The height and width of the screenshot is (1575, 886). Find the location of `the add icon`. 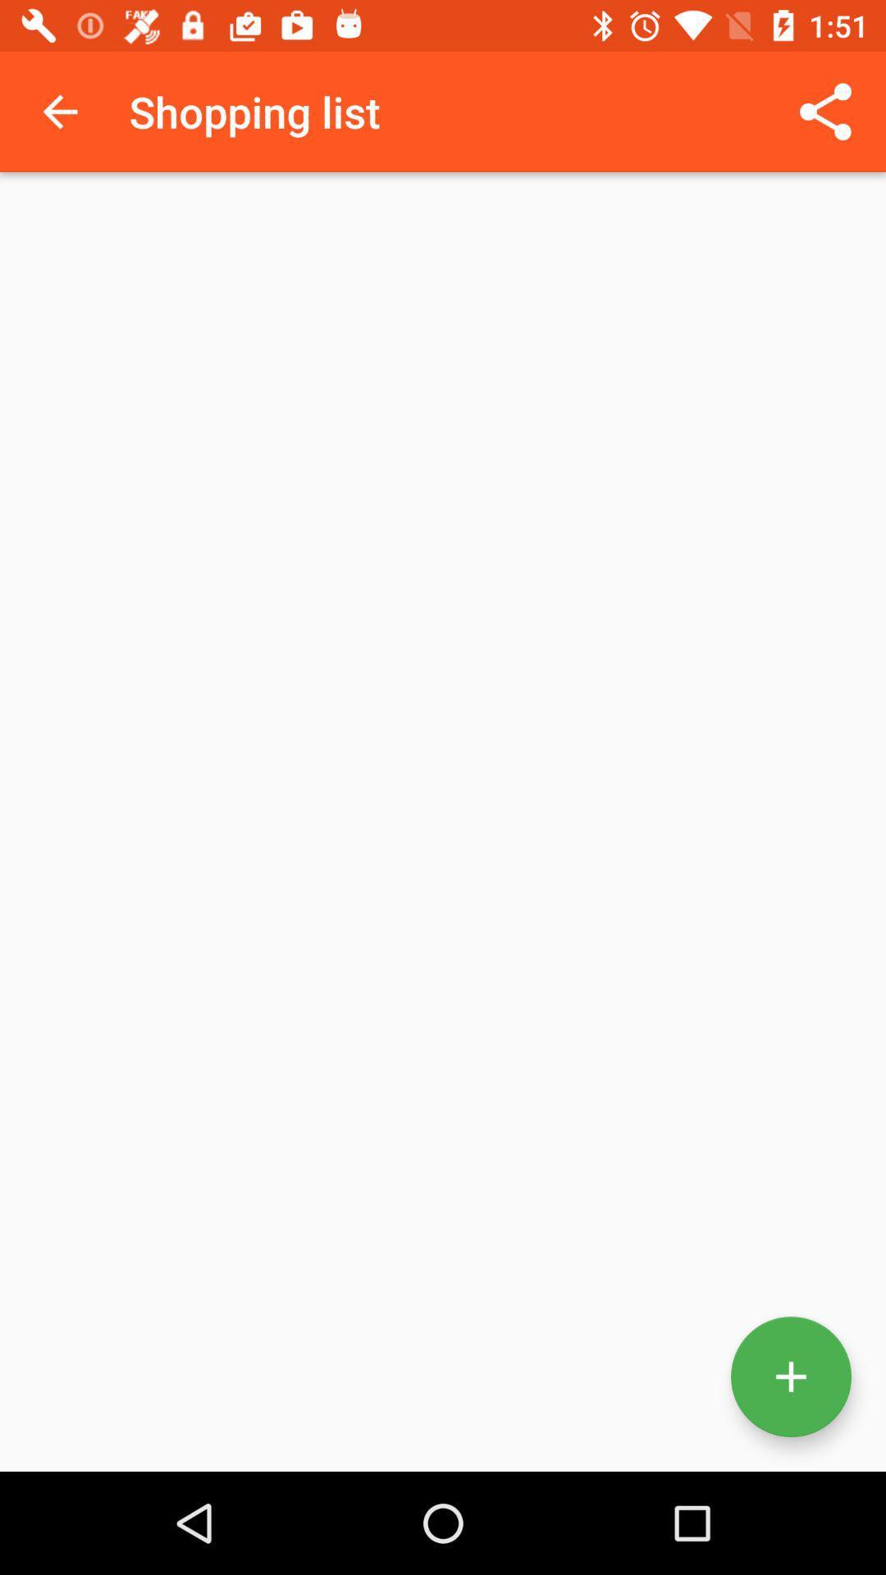

the add icon is located at coordinates (790, 1376).